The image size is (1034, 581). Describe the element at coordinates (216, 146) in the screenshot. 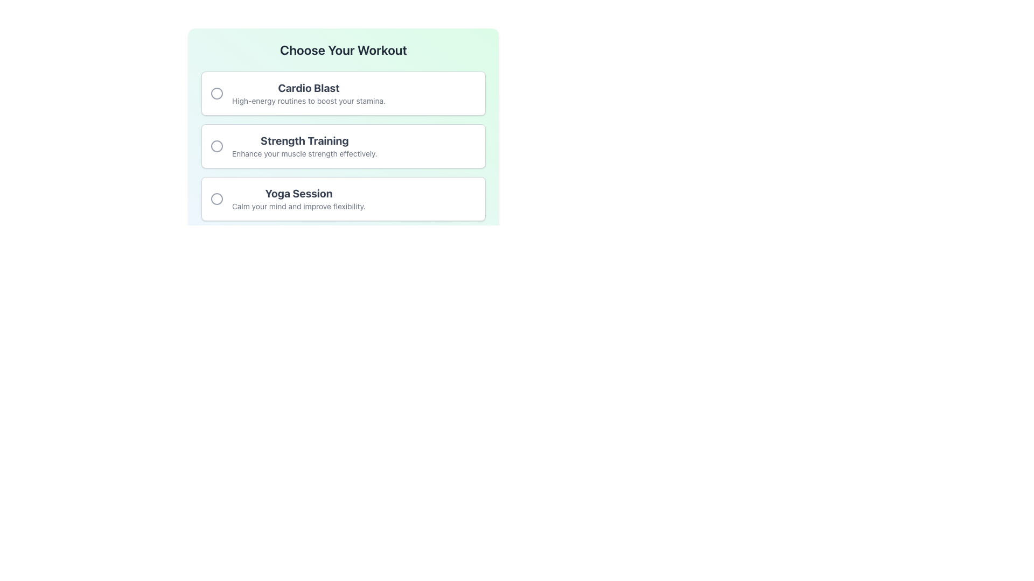

I see `the radio button icon for 'Strength Training'` at that location.